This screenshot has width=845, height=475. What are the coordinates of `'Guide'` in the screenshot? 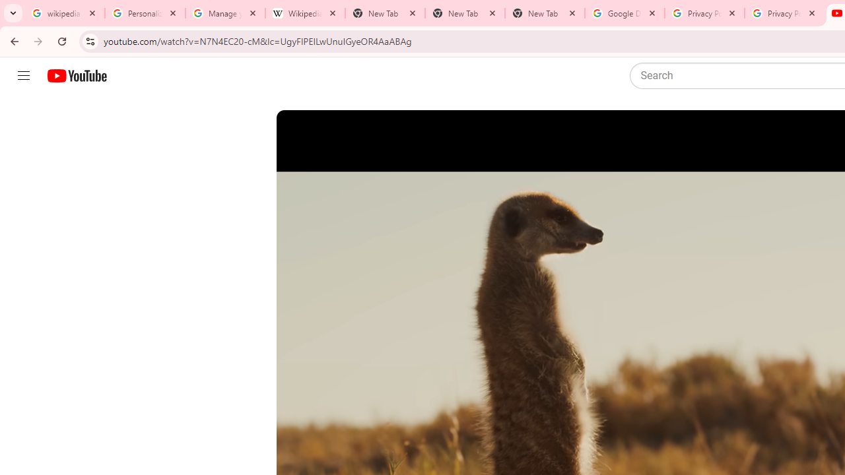 It's located at (23, 76).